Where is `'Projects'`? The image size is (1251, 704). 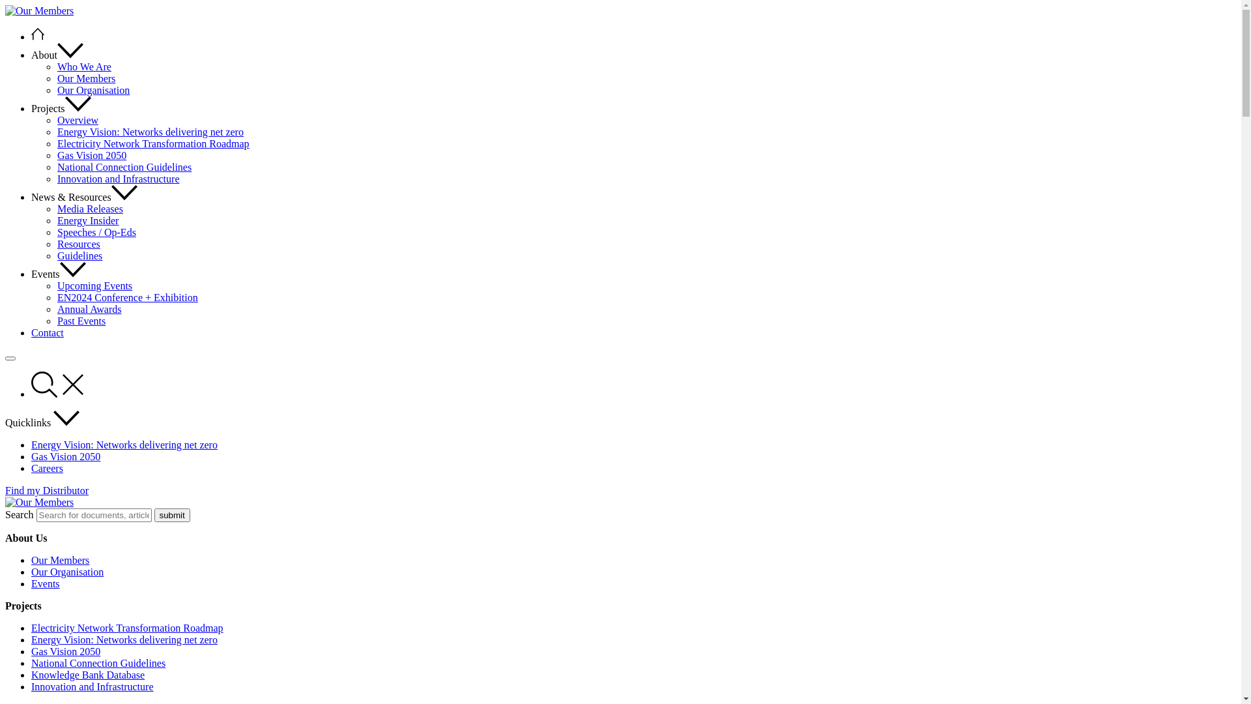 'Projects' is located at coordinates (61, 108).